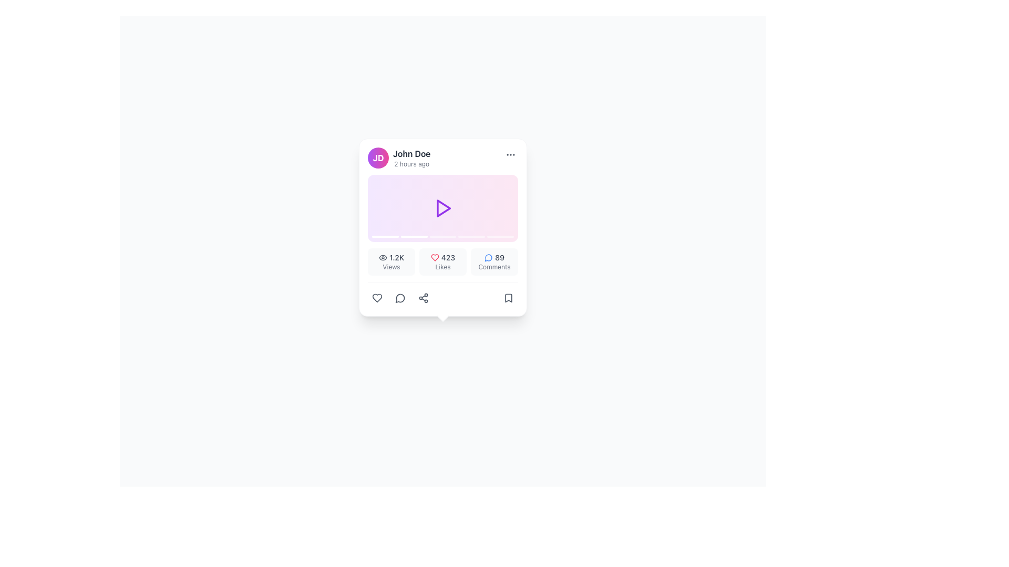  I want to click on the ellipsis menu icon located at the top-right corner of the user's post card, so click(510, 154).